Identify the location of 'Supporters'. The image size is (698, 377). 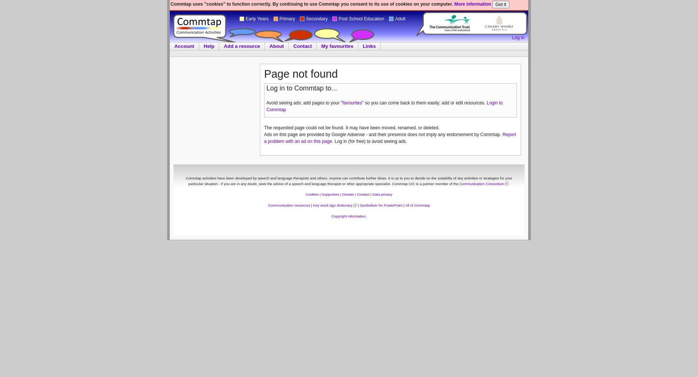
(321, 194).